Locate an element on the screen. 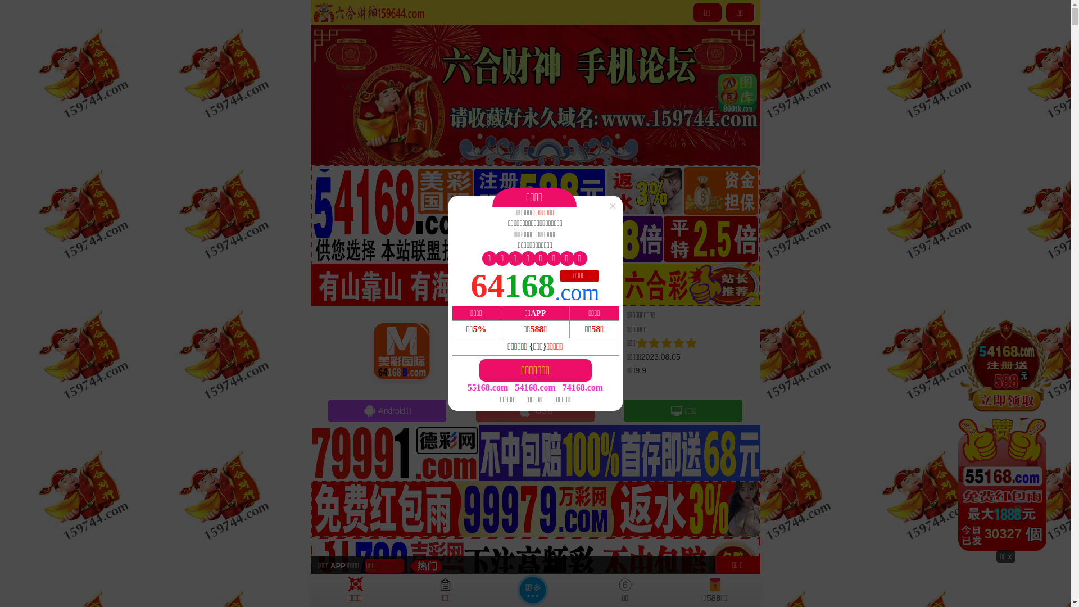 This screenshot has height=607, width=1079. '30512' is located at coordinates (1006, 433).